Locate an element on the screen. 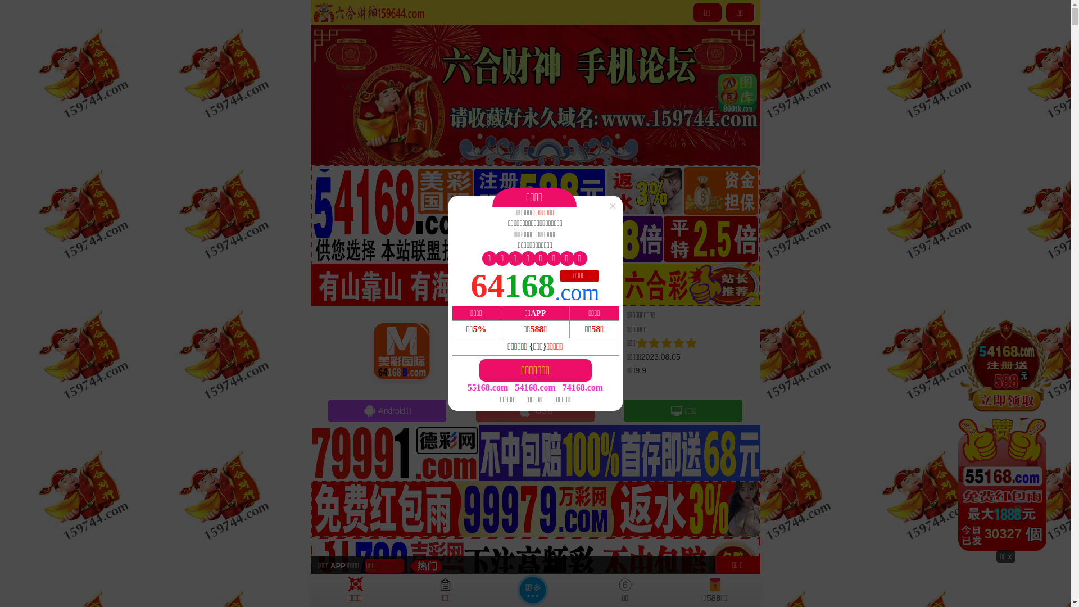 This screenshot has height=607, width=1079. '30512' is located at coordinates (1006, 433).